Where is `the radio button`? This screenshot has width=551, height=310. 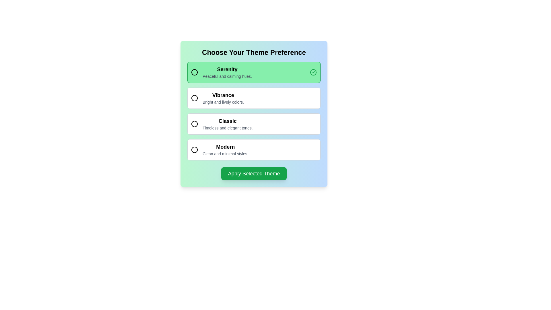
the radio button is located at coordinates (194, 124).